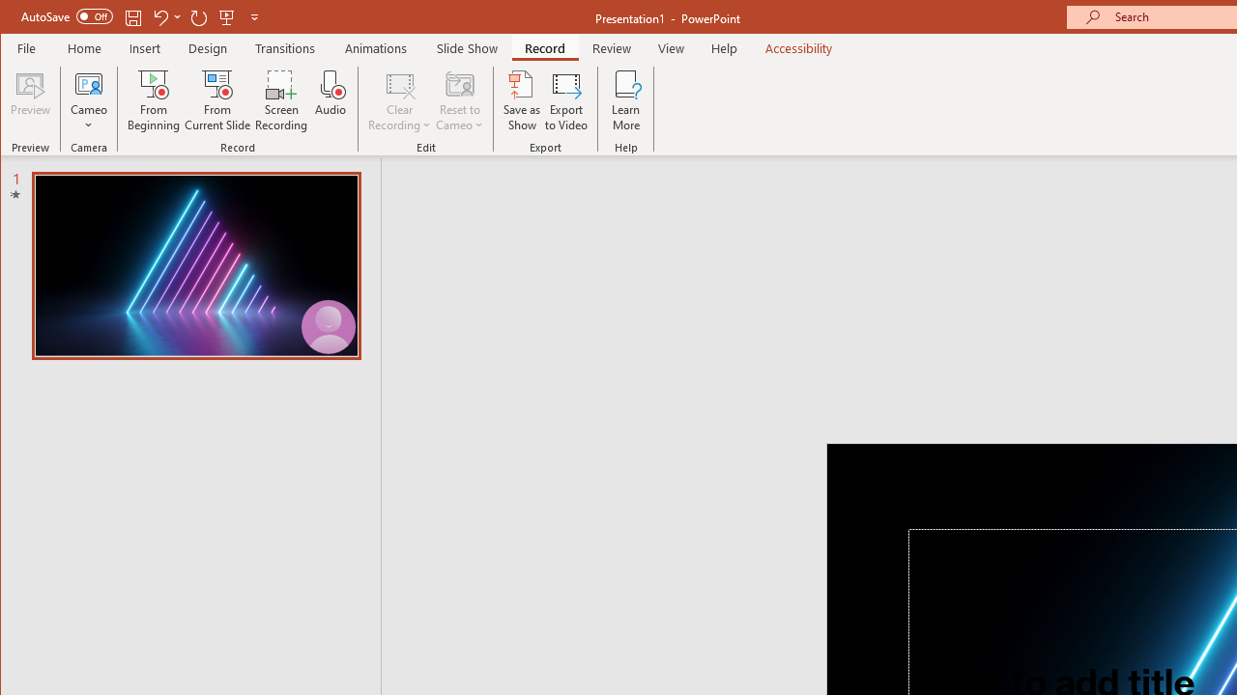  I want to click on 'Save as Show', so click(522, 100).